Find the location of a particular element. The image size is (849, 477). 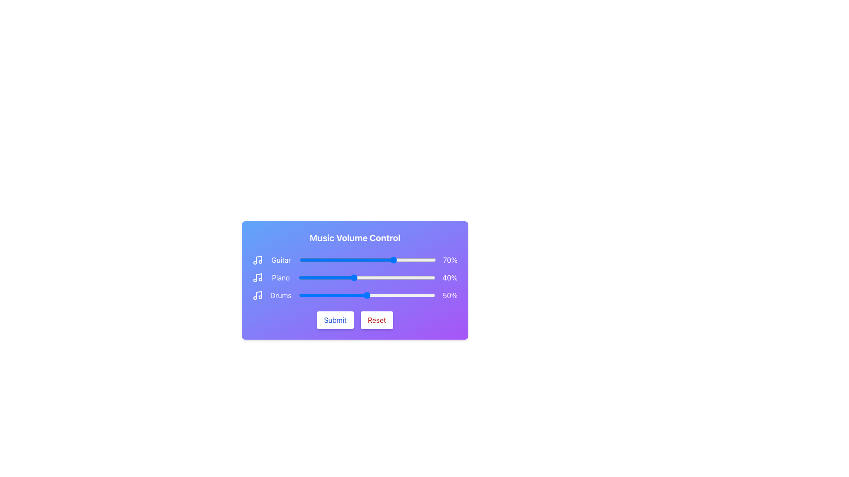

guitar volume is located at coordinates (381, 260).